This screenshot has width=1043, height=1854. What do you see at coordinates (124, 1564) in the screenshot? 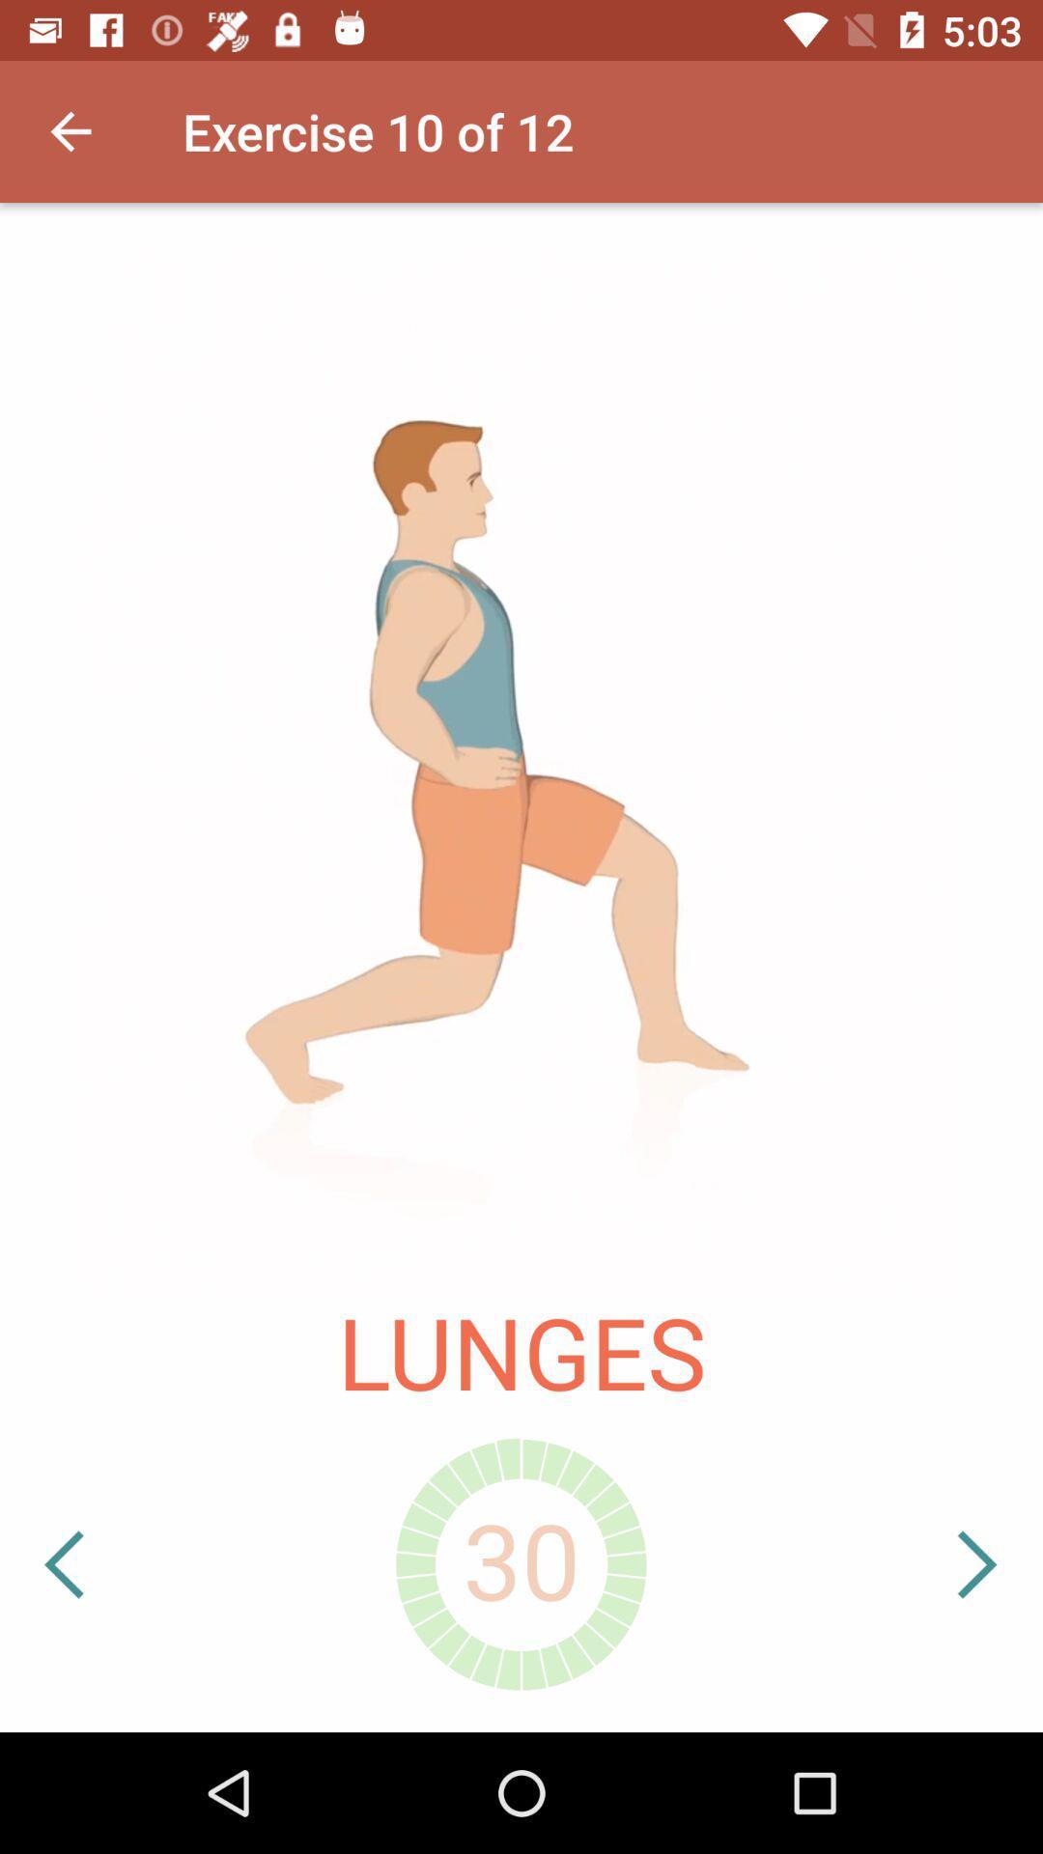
I see `icon at the bottom left corner` at bounding box center [124, 1564].